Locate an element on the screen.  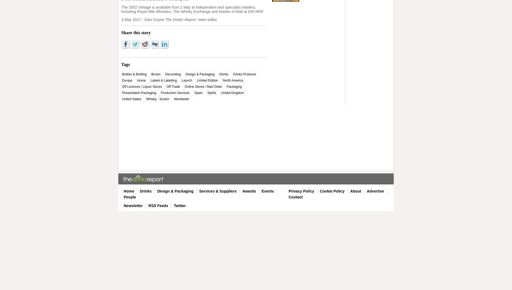
'Share this story' is located at coordinates (121, 32).